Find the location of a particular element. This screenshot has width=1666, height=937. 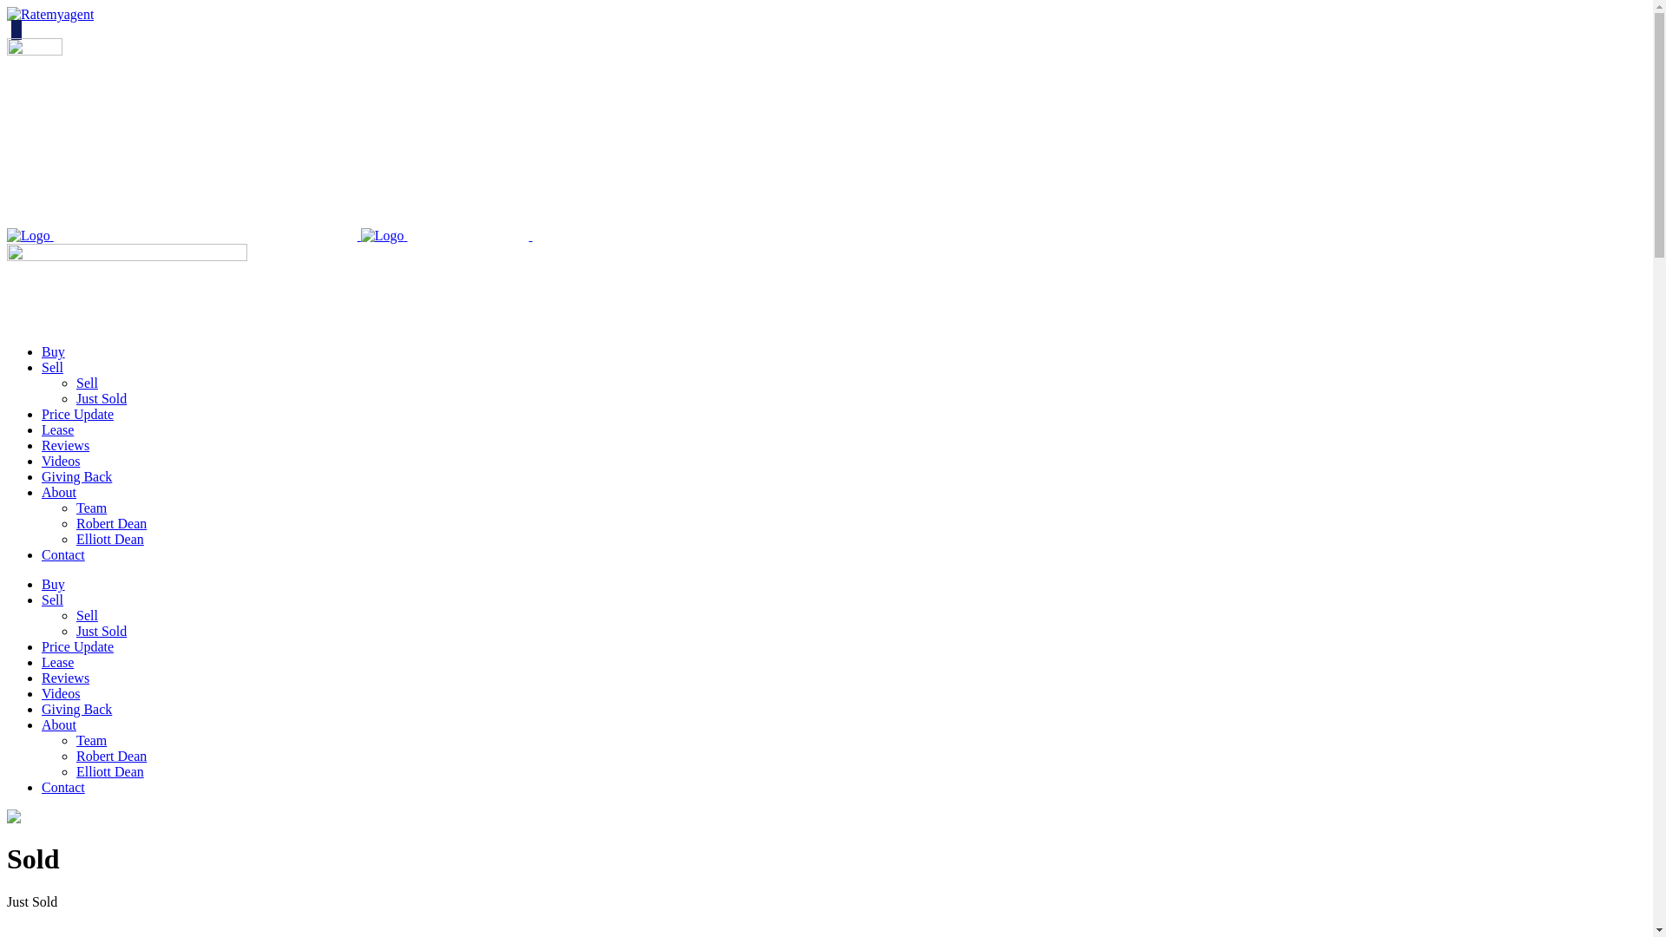

'Reviews' is located at coordinates (65, 677).